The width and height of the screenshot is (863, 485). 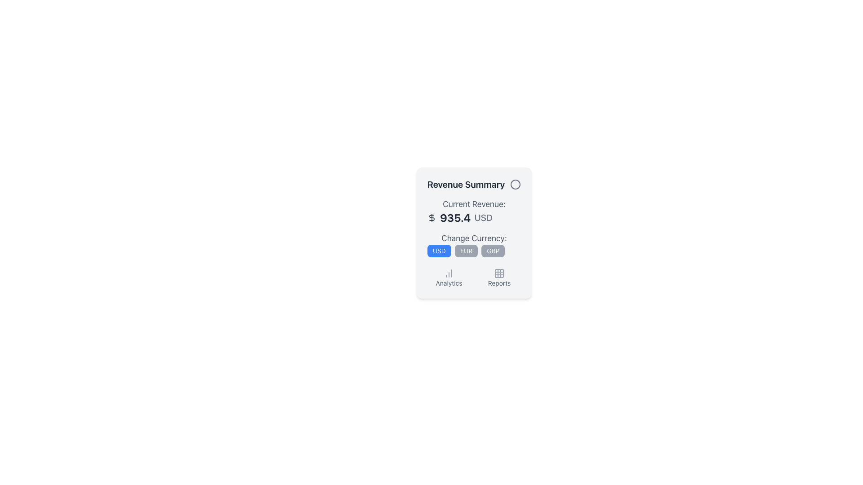 I want to click on the grid view icon, so click(x=498, y=273).